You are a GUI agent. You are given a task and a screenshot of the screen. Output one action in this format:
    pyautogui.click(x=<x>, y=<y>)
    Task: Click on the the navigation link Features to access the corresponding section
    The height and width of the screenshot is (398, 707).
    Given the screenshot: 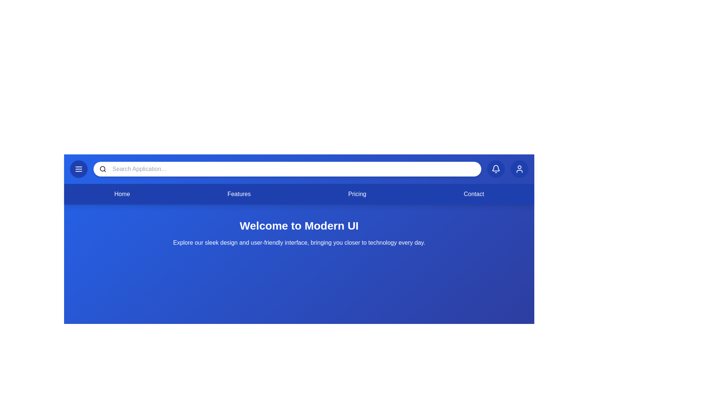 What is the action you would take?
    pyautogui.click(x=239, y=194)
    